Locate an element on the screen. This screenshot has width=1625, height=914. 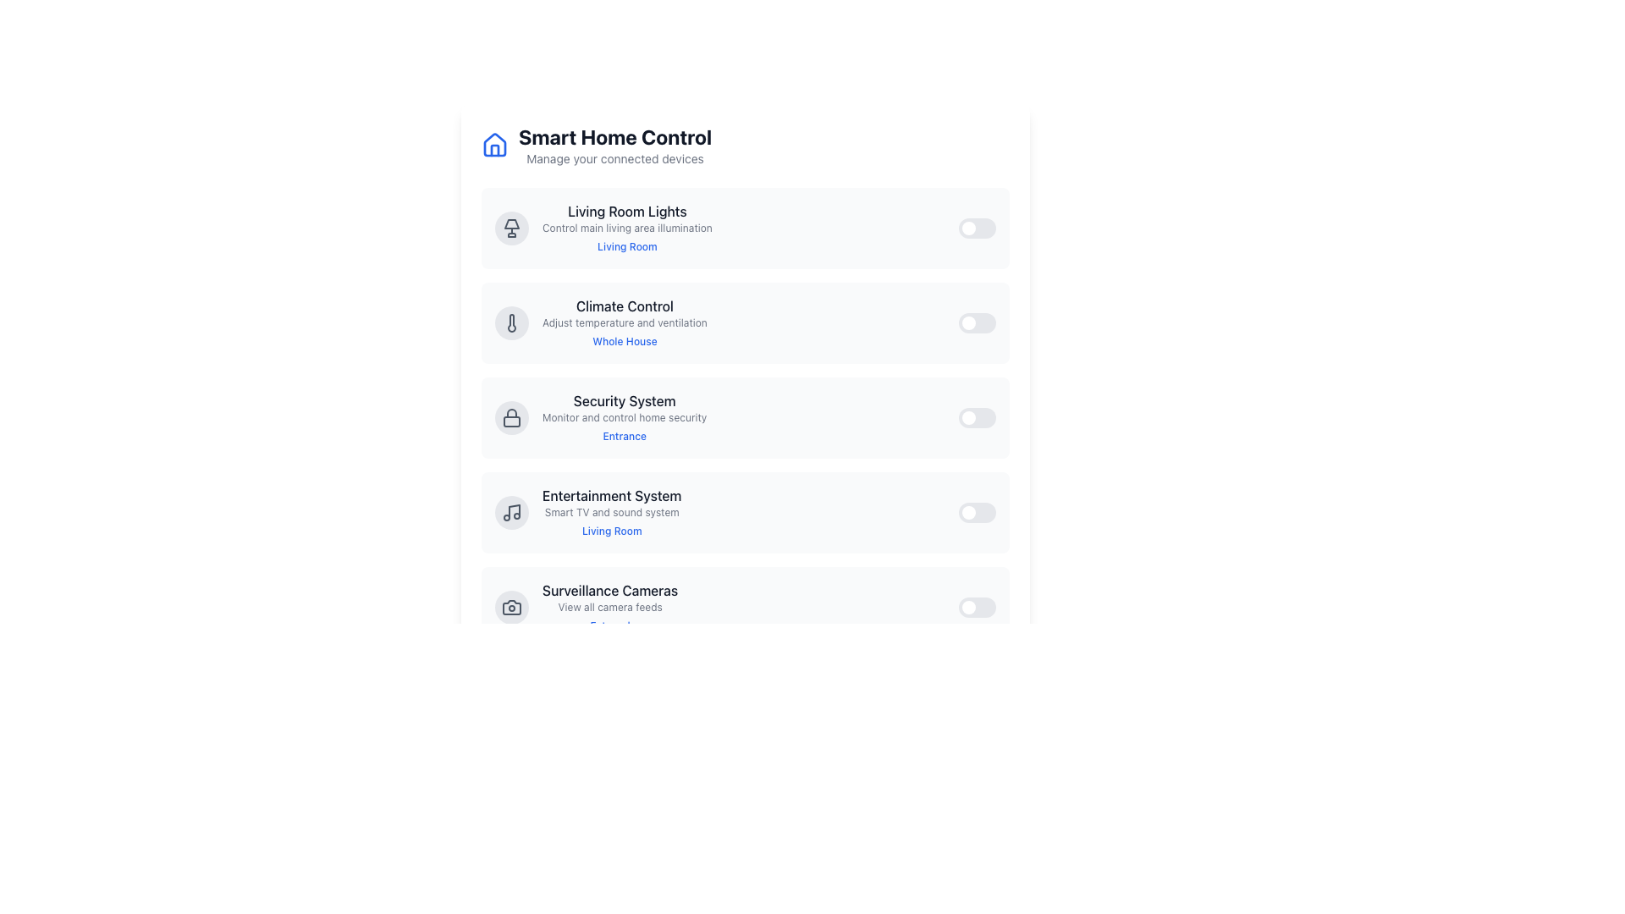
the toggle switch for 'Climate Control' in the smart home interface to change its state is located at coordinates (745, 322).